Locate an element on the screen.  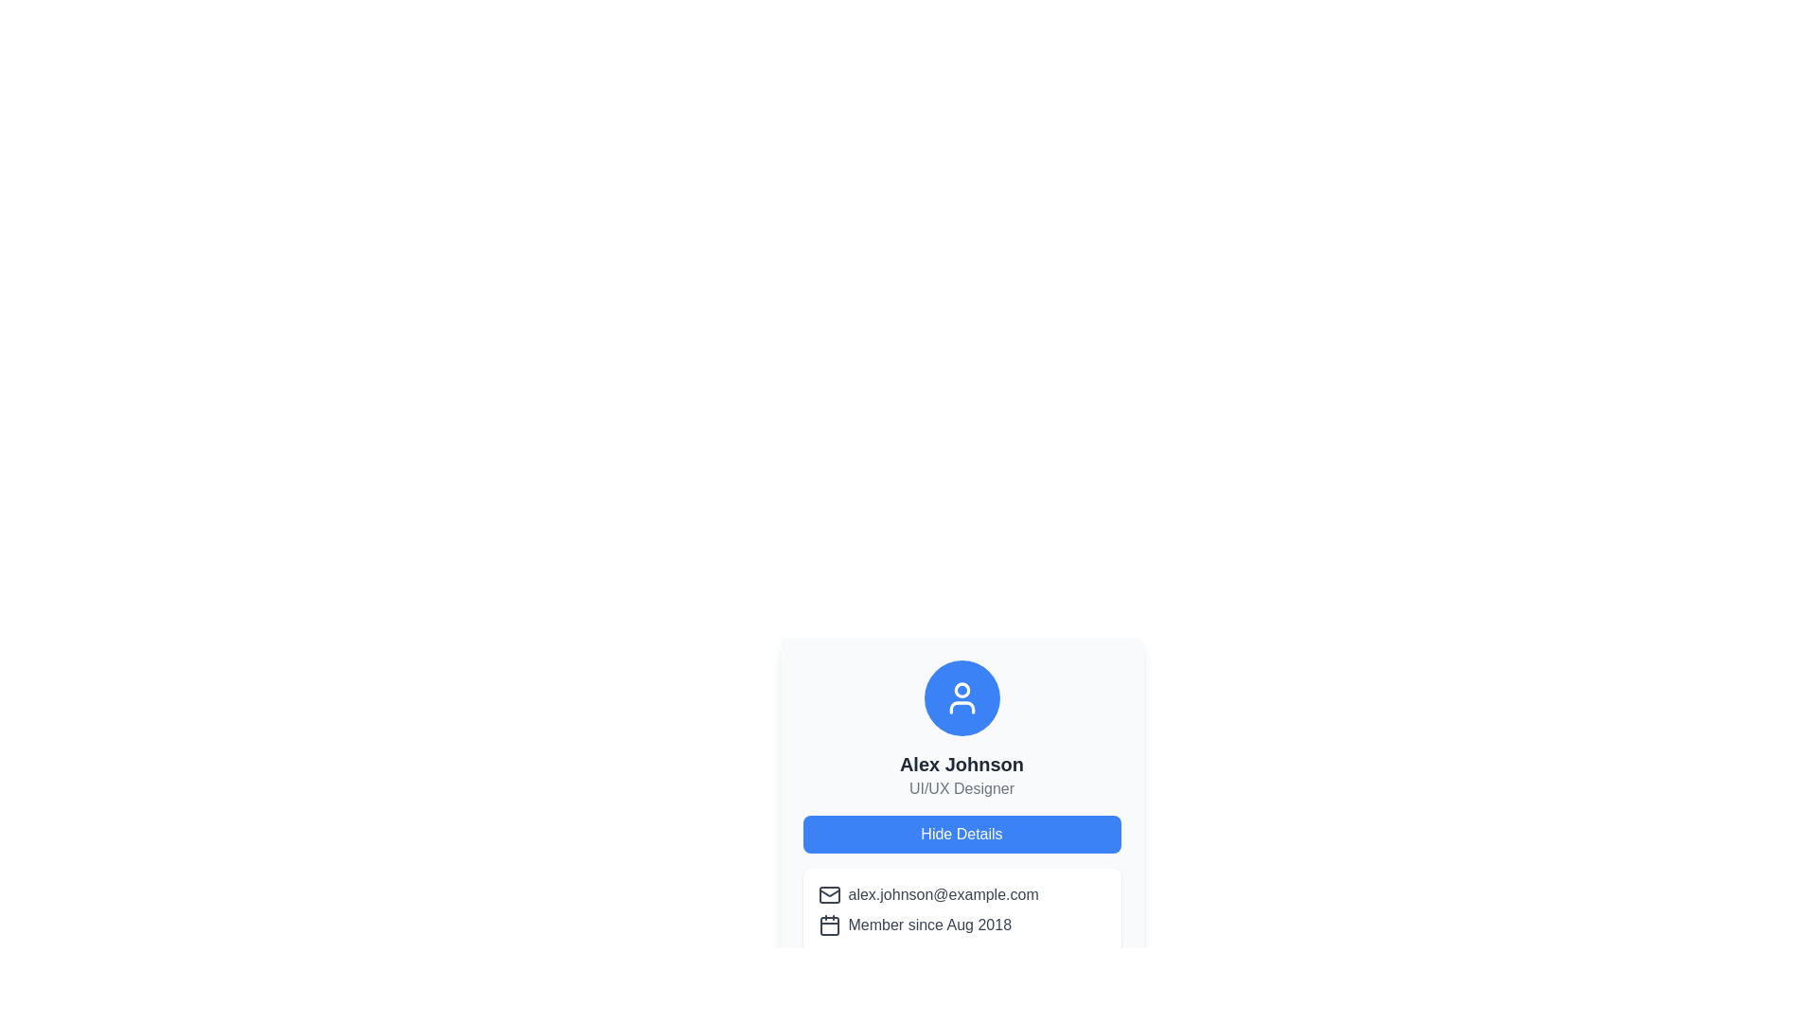
the non-interactive text label reading 'UI/UX Designer' styled in gray, located beneath the name 'Alex Johnson' on a user profile card is located at coordinates (961, 788).